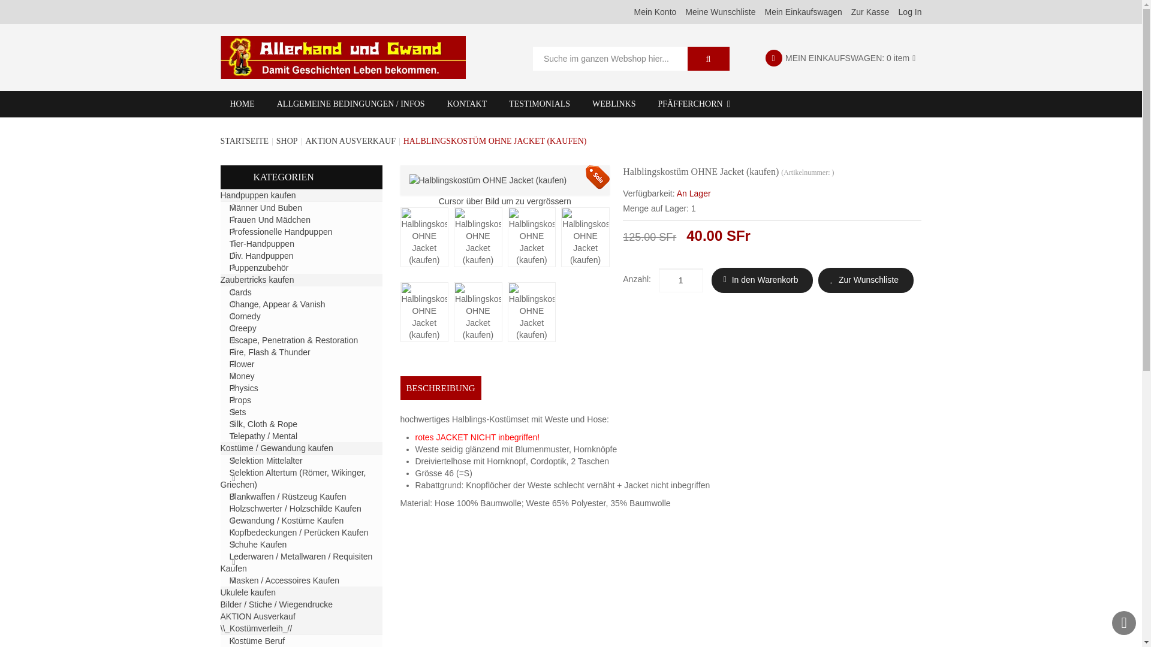 Image resolution: width=1151 pixels, height=647 pixels. I want to click on 'Telepathy / Mental', so click(262, 436).